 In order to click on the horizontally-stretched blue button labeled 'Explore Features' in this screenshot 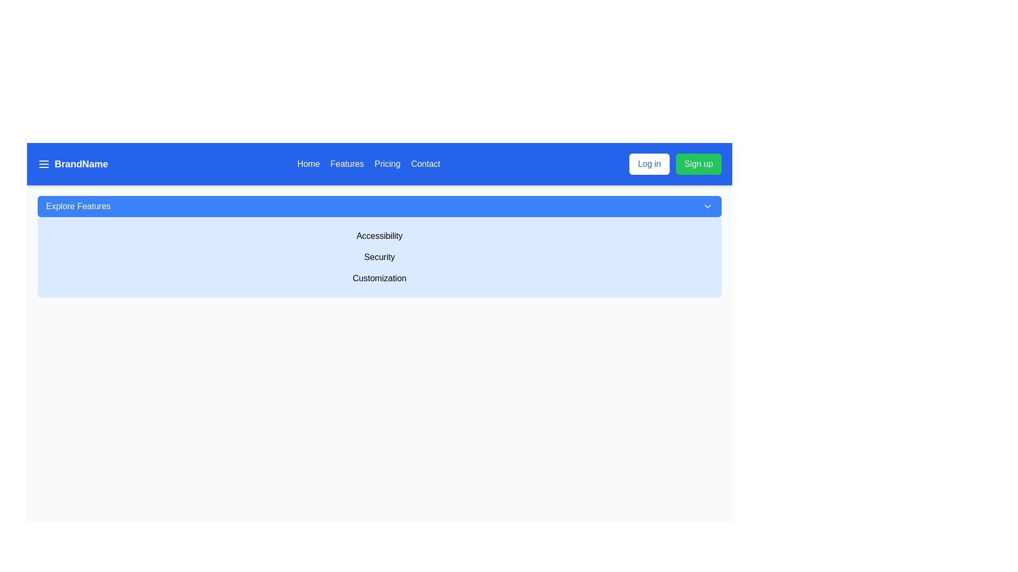, I will do `click(379, 206)`.